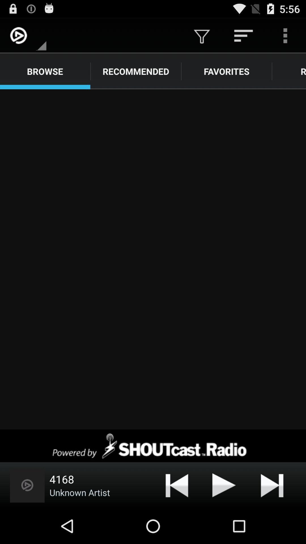  I want to click on previous music, so click(177, 485).